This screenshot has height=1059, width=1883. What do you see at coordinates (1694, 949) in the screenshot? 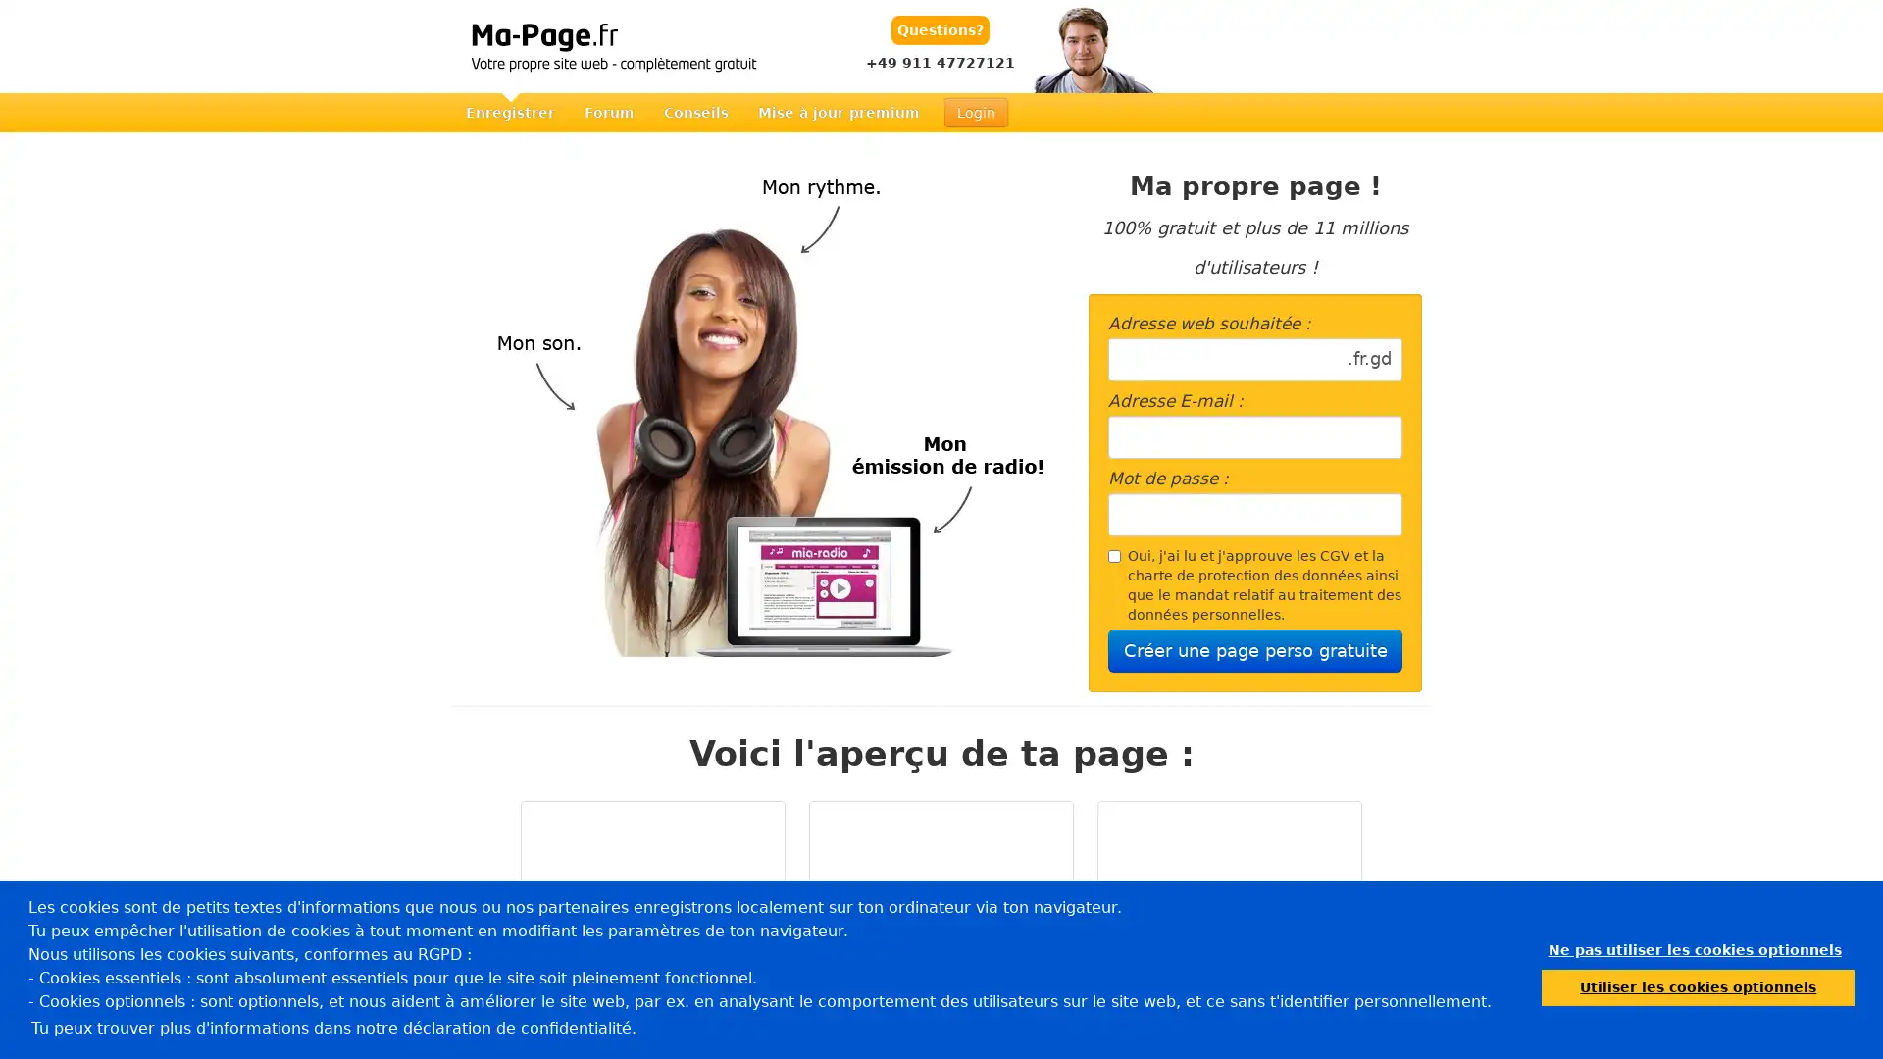
I see `dismiss cookie message` at bounding box center [1694, 949].